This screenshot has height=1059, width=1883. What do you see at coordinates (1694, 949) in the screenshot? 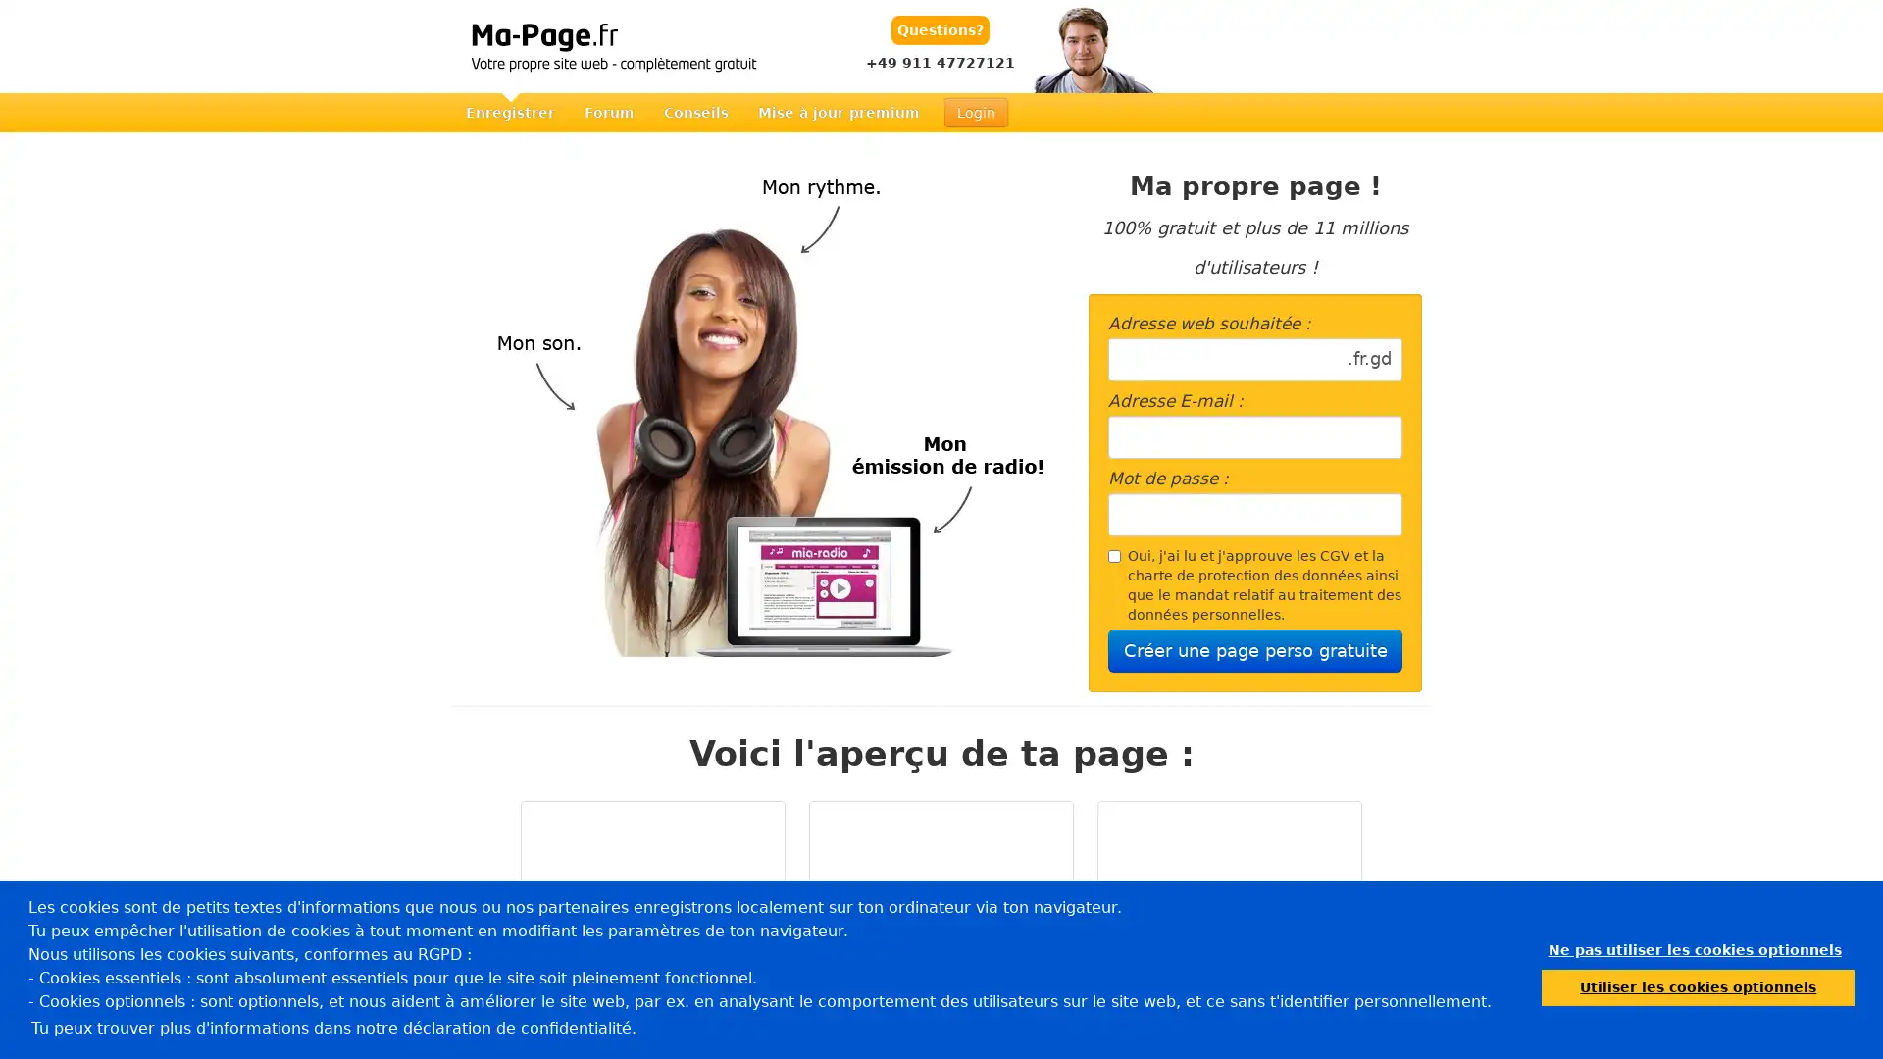
I see `dismiss cookie message` at bounding box center [1694, 949].